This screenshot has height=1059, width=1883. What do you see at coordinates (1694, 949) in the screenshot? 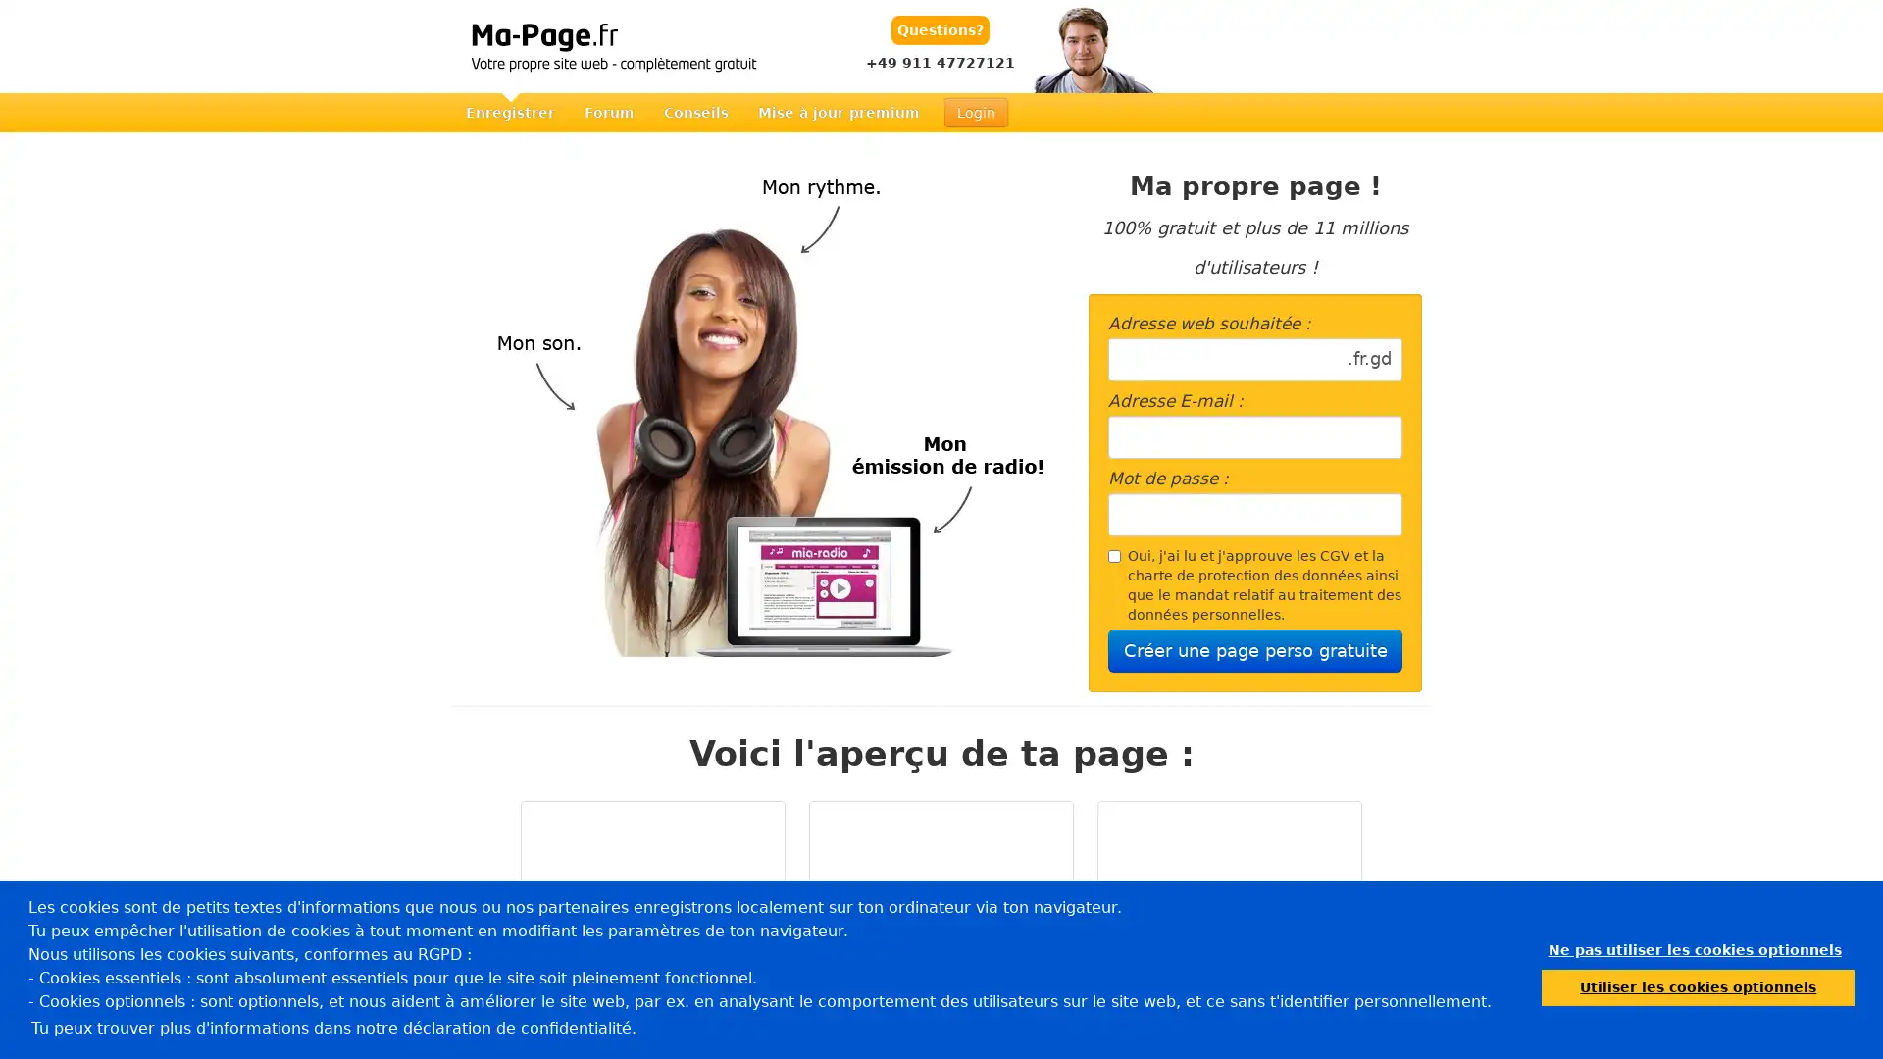
I see `dismiss cookie message` at bounding box center [1694, 949].